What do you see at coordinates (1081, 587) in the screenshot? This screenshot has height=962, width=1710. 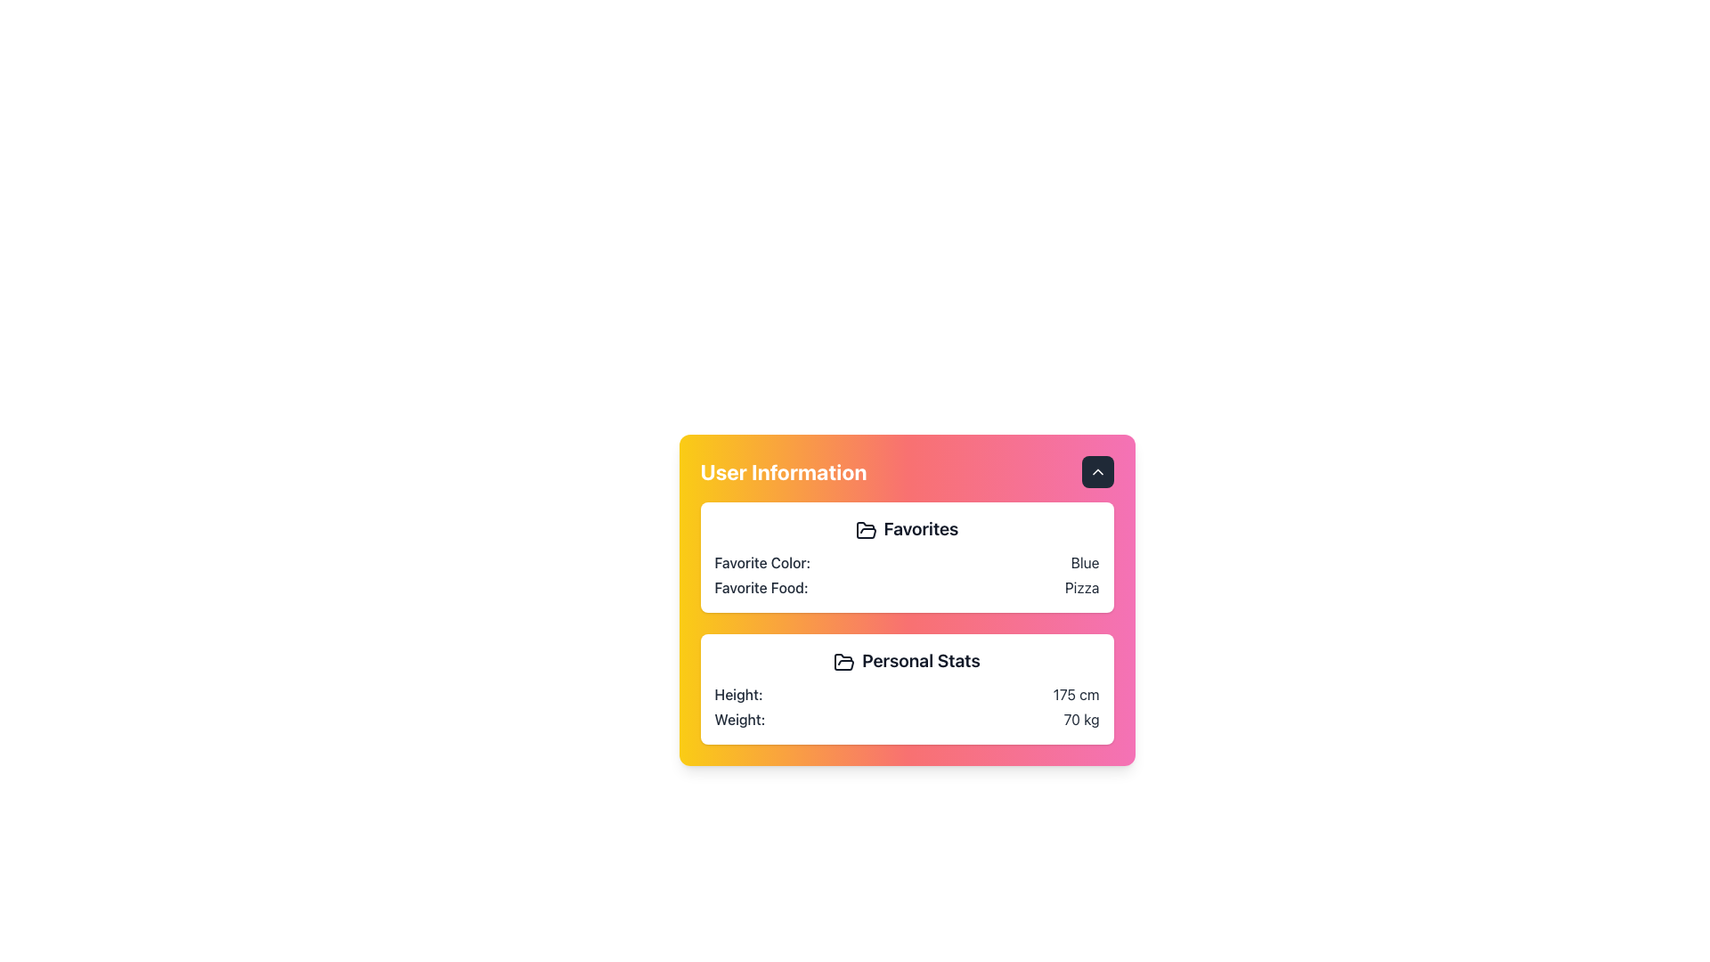 I see `the static text label displaying 'Pizza', which is aligned to the right of 'Favorite Food:' in the user details section` at bounding box center [1081, 587].